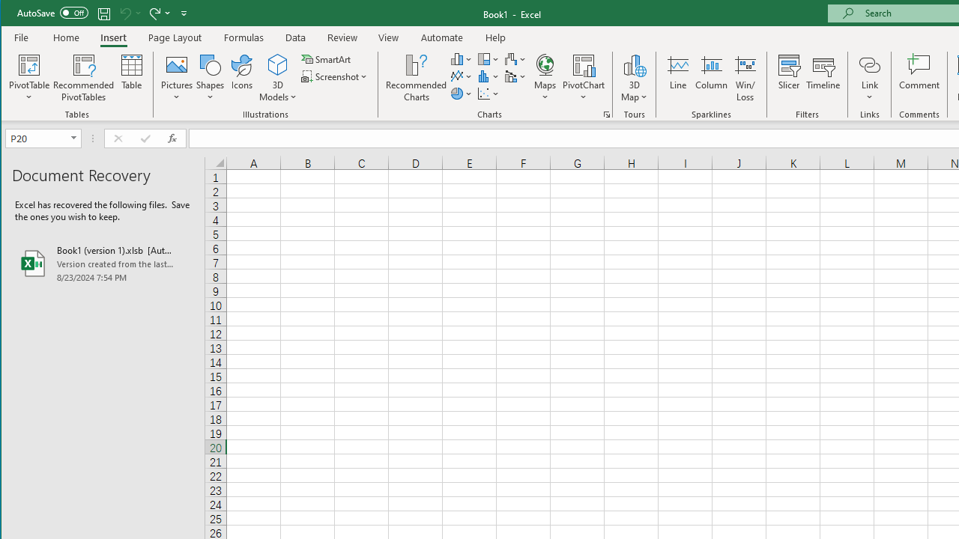 The image size is (959, 539). What do you see at coordinates (335, 76) in the screenshot?
I see `'Screenshot'` at bounding box center [335, 76].